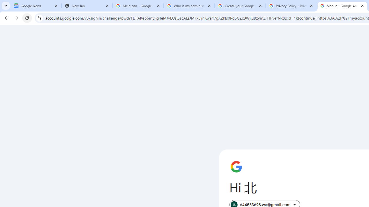 The width and height of the screenshot is (369, 207). I want to click on 'New Tab', so click(87, 6).